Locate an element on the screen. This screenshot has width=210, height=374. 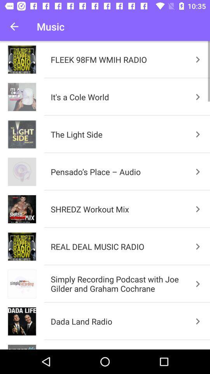
the image which is left hand side of shredz workout mix is located at coordinates (22, 209).